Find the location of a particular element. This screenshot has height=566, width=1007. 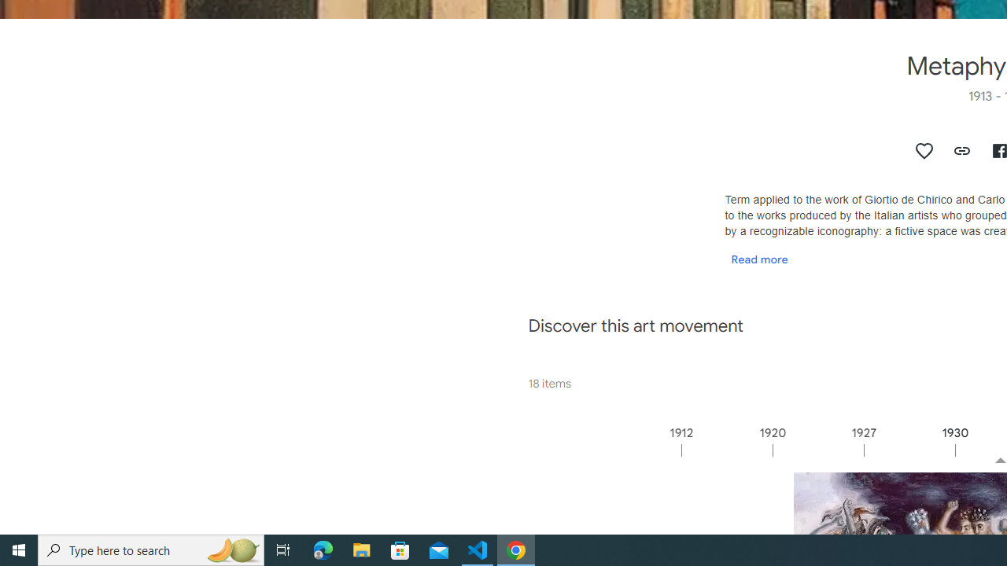

'Copy Link' is located at coordinates (961, 150).